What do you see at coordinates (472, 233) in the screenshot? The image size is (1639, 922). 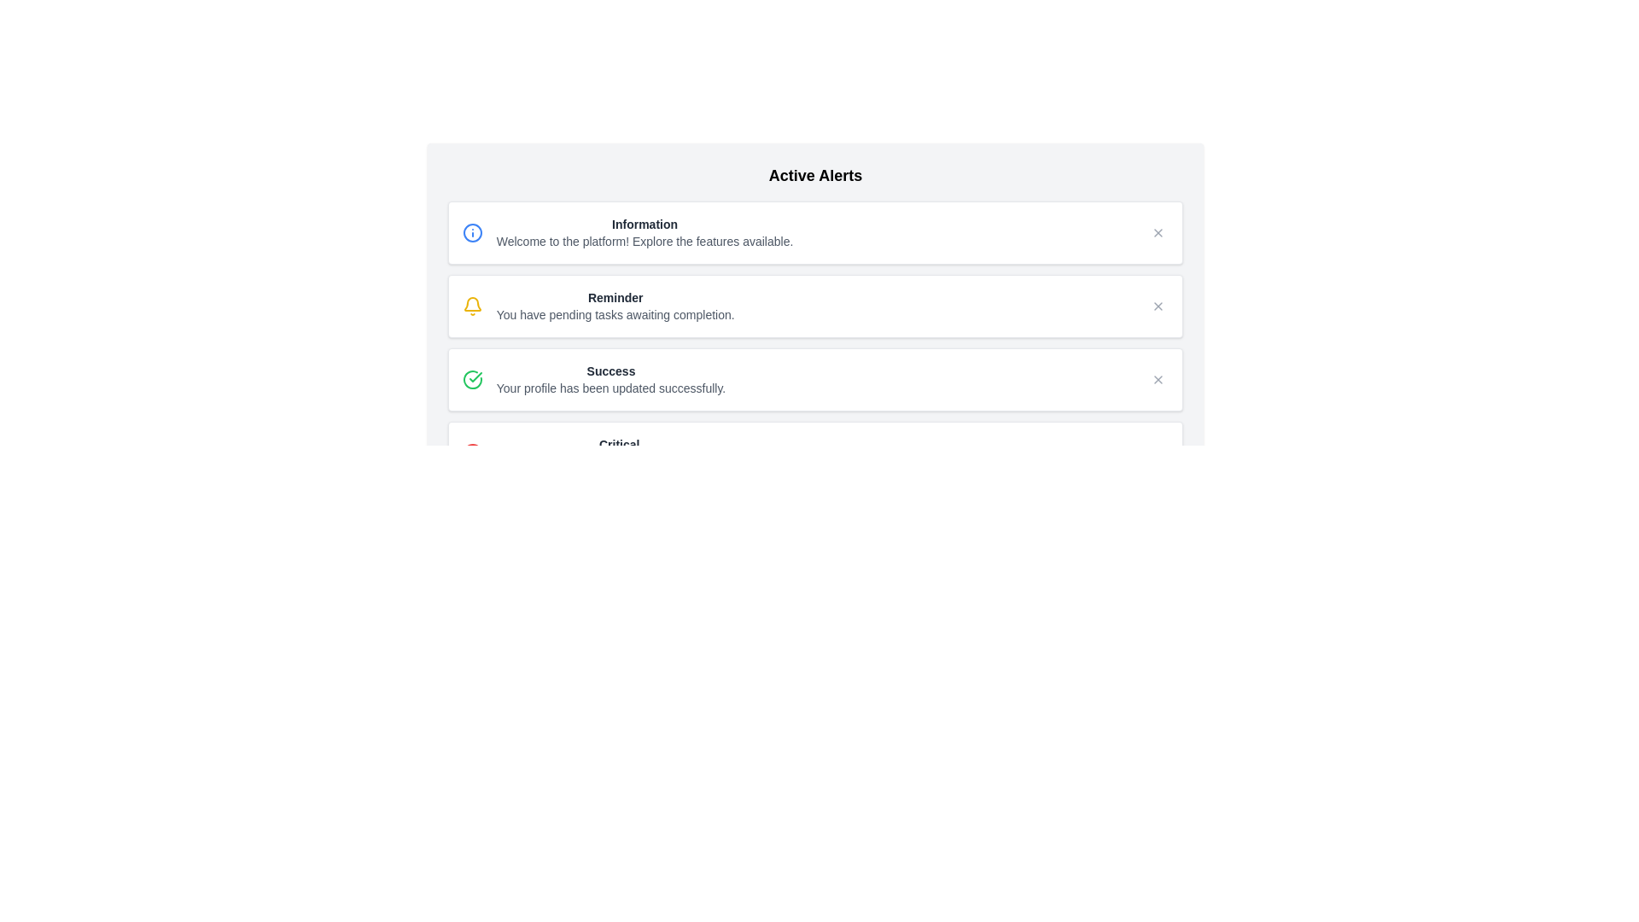 I see `the circular shape with a blue stroke inside the SVG icon representing an informational symbol, located in the 'Active Alerts' section of the alert bar` at bounding box center [472, 233].